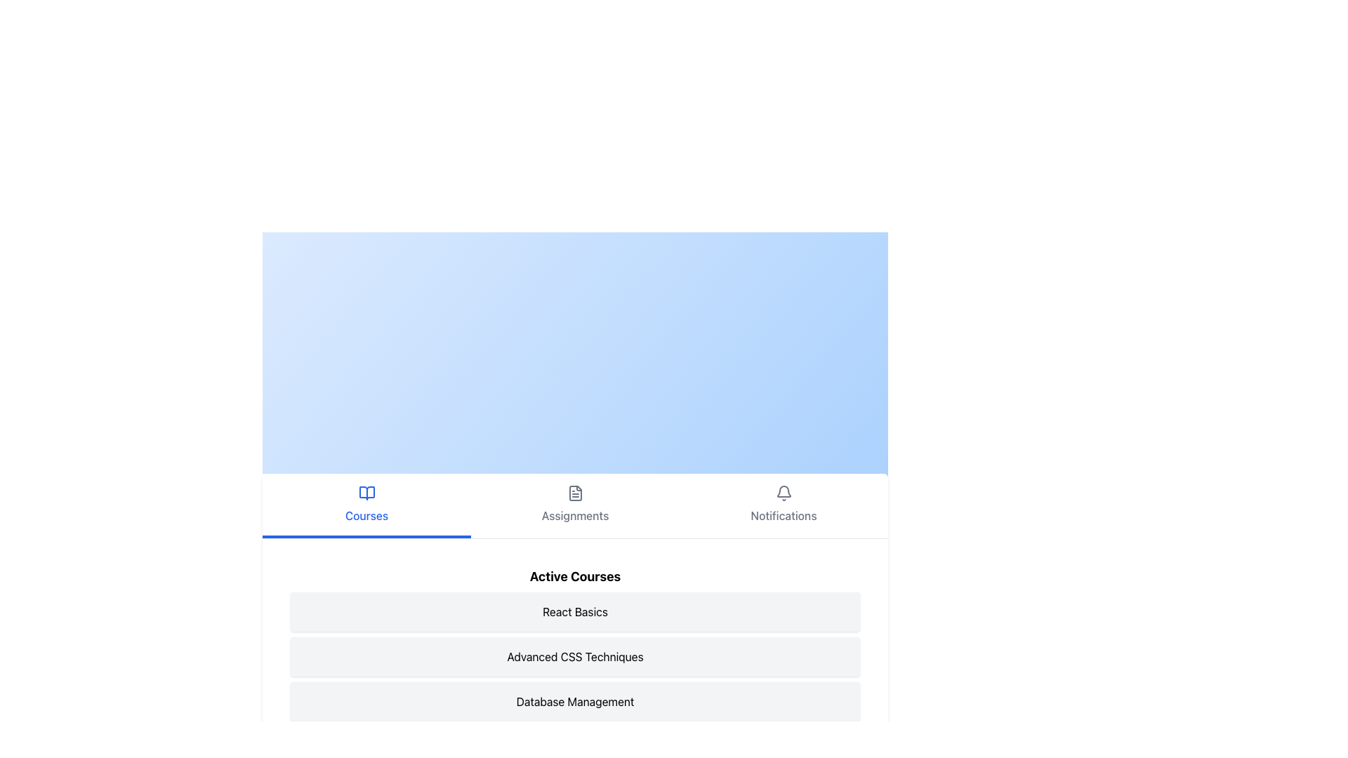 Image resolution: width=1348 pixels, height=758 pixels. What do you see at coordinates (783, 490) in the screenshot?
I see `the bell icon located in the header section below the 'Notifications' label to interact with notifications` at bounding box center [783, 490].